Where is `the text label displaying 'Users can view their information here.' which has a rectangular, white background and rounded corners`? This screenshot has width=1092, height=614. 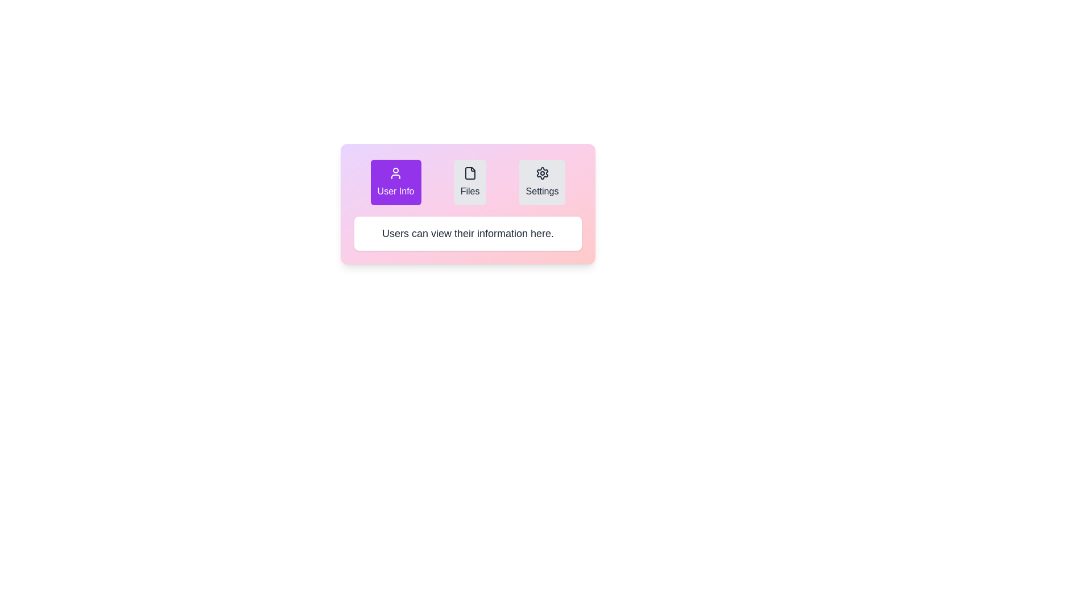 the text label displaying 'Users can view their information here.' which has a rectangular, white background and rounded corners is located at coordinates (468, 233).